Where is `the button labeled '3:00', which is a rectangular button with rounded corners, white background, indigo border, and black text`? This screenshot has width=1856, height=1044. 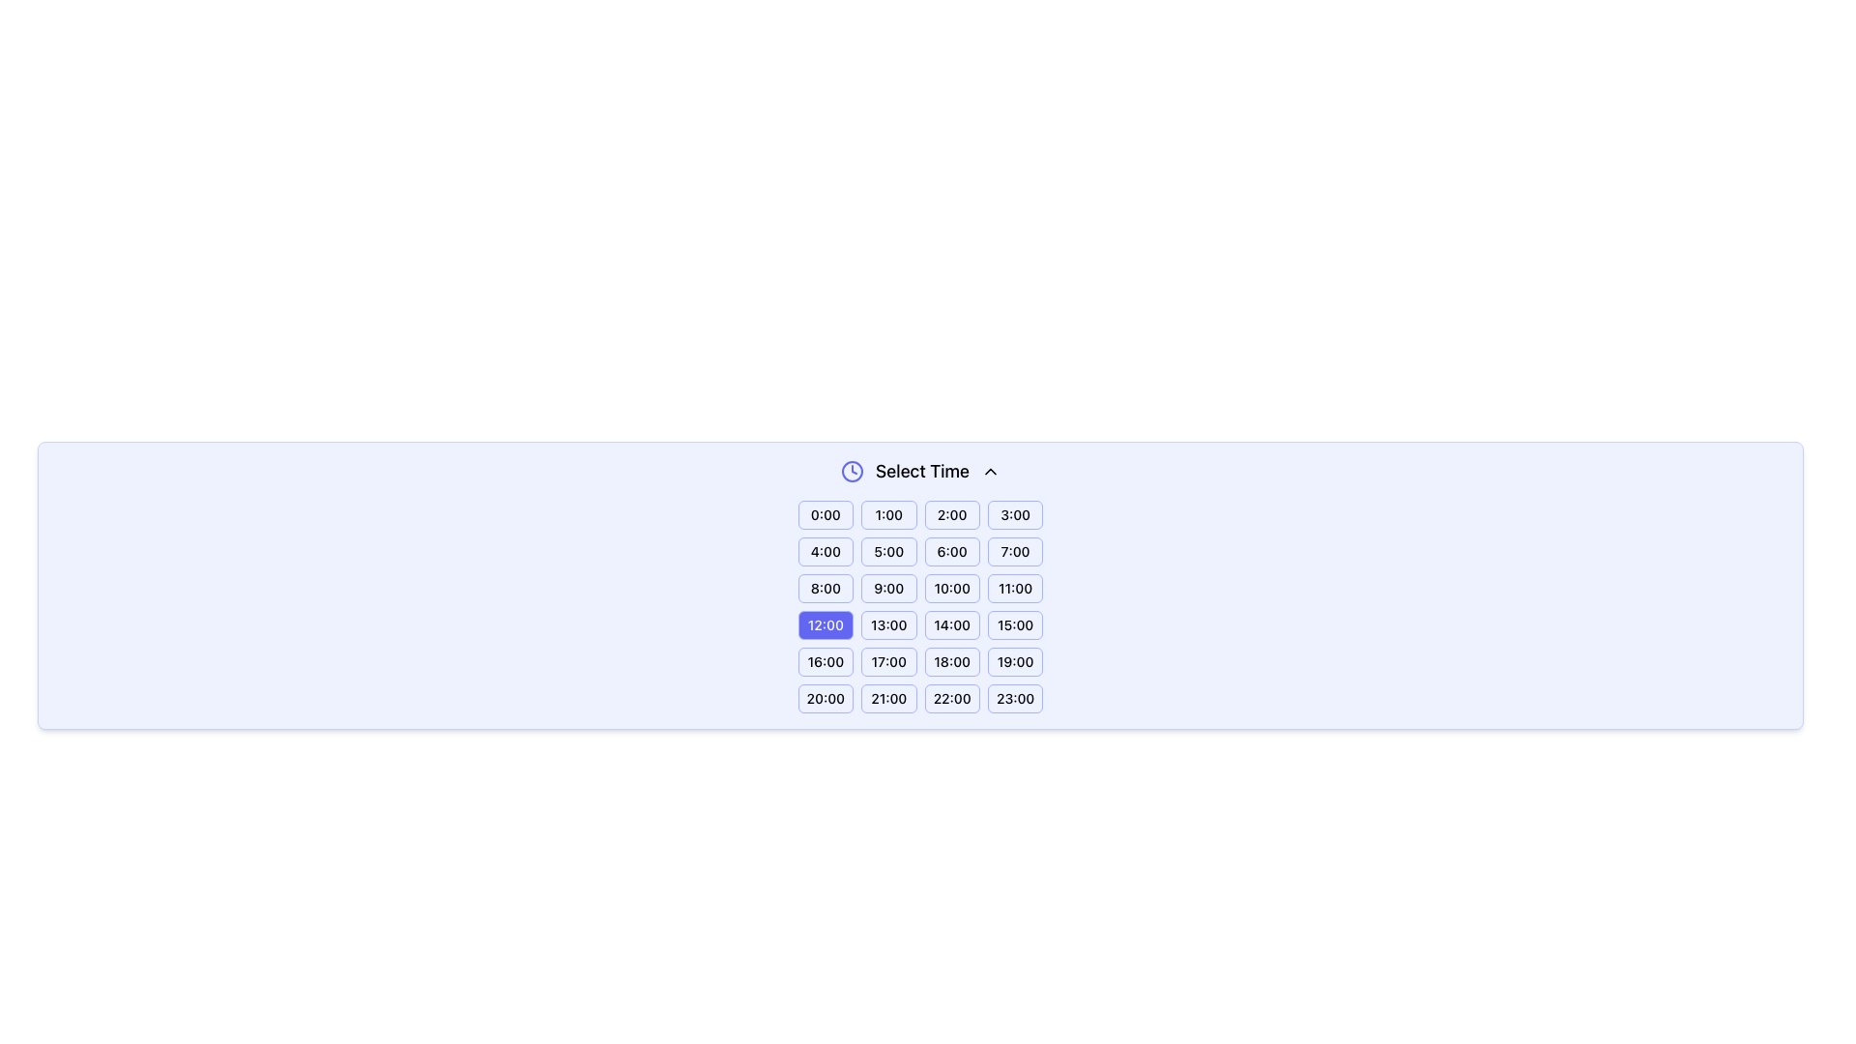
the button labeled '3:00', which is a rectangular button with rounded corners, white background, indigo border, and black text is located at coordinates (1014, 513).